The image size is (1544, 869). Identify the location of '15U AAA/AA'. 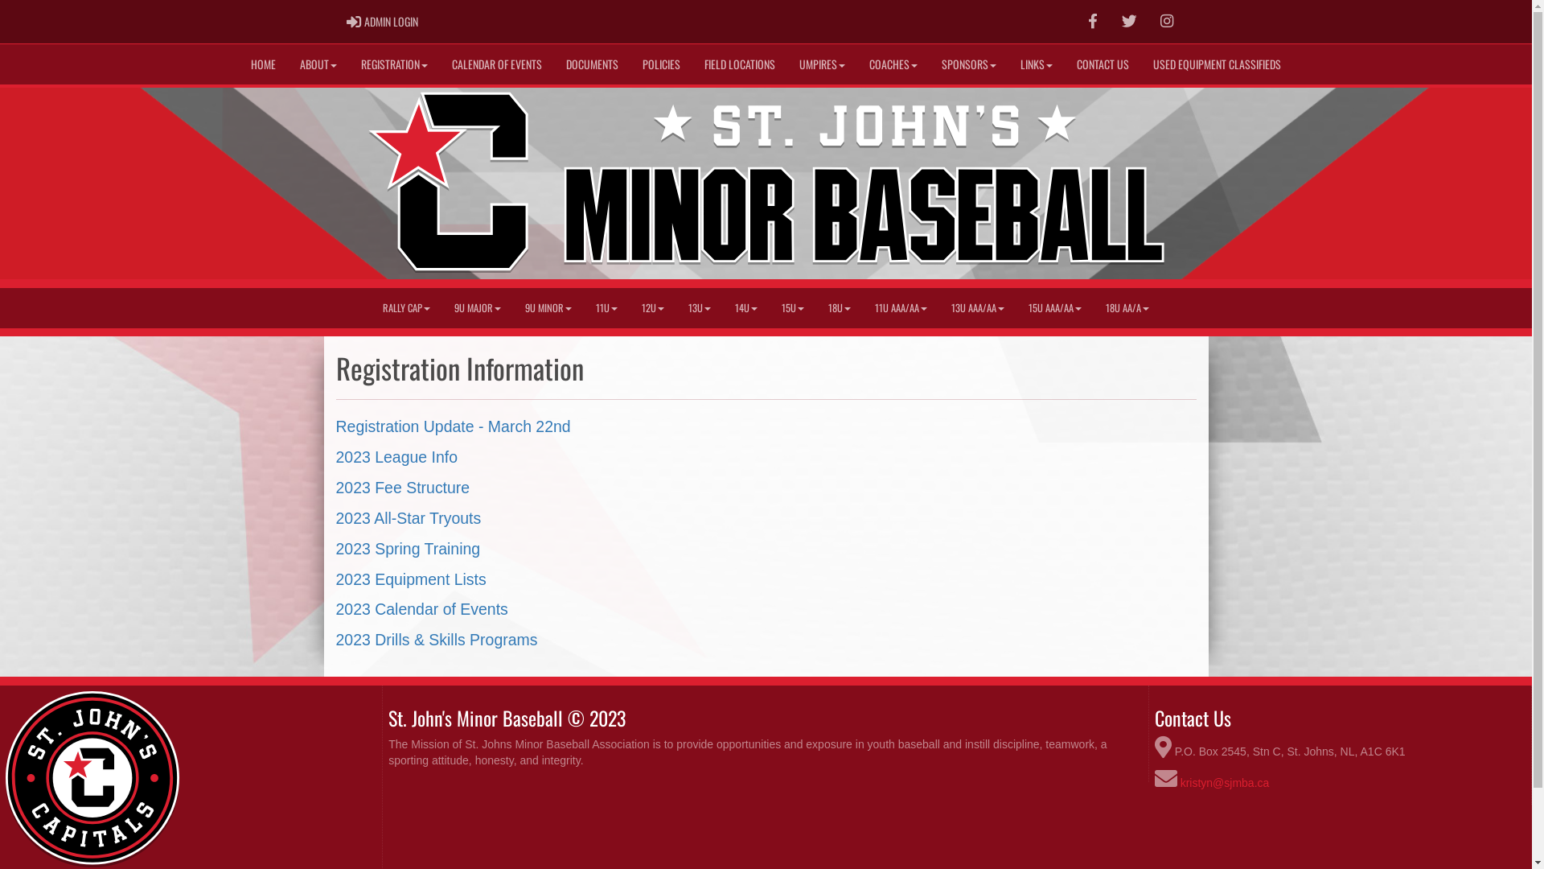
(1015, 307).